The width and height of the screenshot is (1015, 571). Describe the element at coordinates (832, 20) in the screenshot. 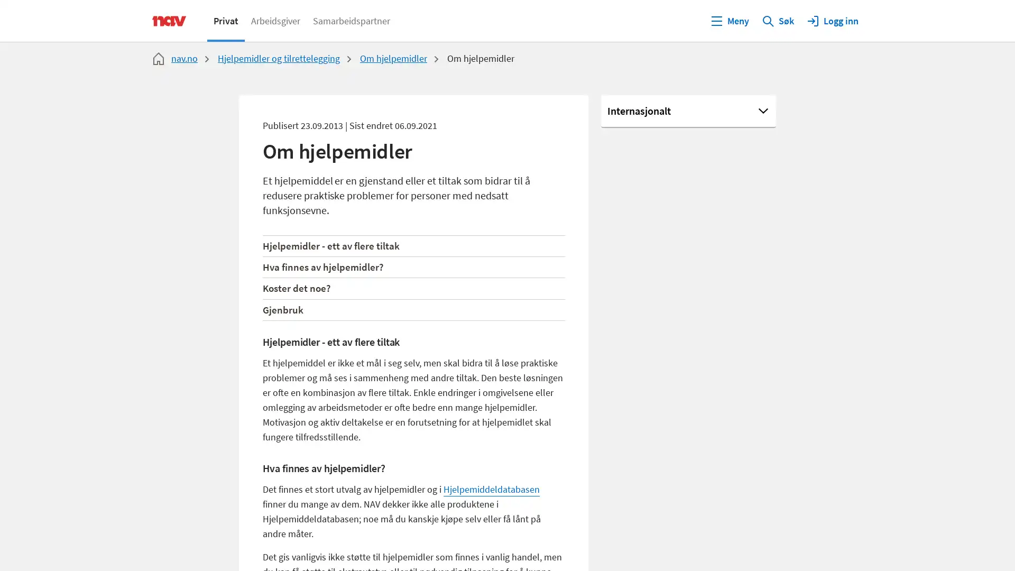

I see `Logg inn` at that location.